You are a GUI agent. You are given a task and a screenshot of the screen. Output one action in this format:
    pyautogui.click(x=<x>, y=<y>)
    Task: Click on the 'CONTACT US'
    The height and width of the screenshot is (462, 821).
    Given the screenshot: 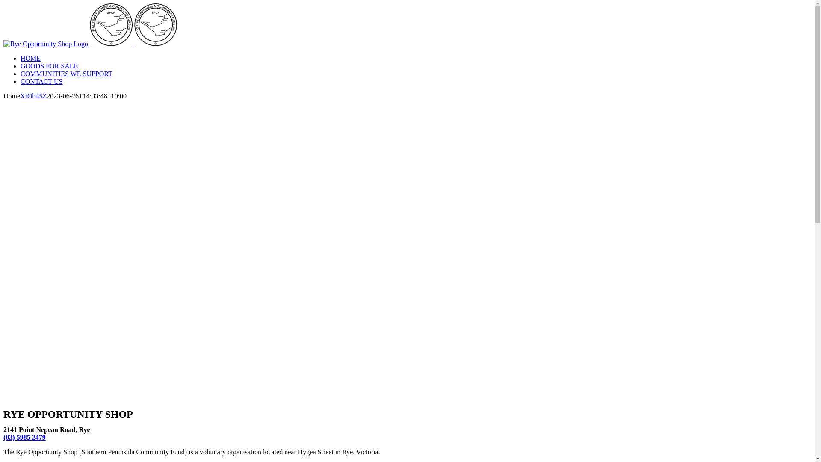 What is the action you would take?
    pyautogui.click(x=41, y=81)
    